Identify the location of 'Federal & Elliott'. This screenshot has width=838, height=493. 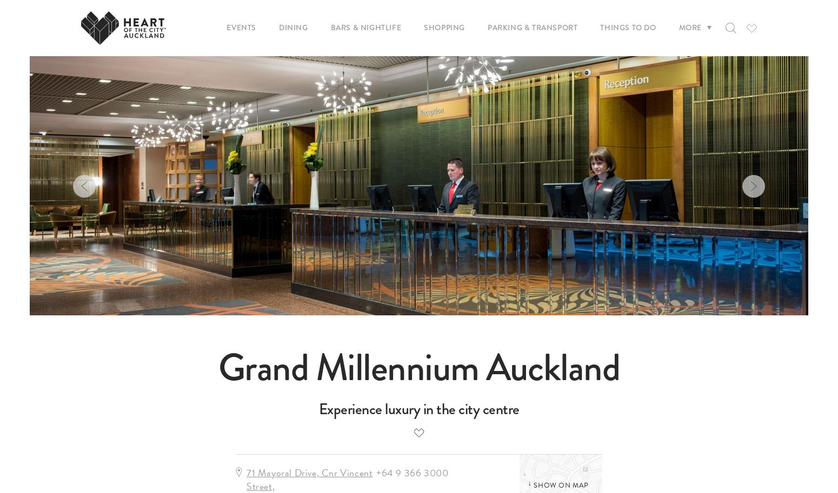
(293, 382).